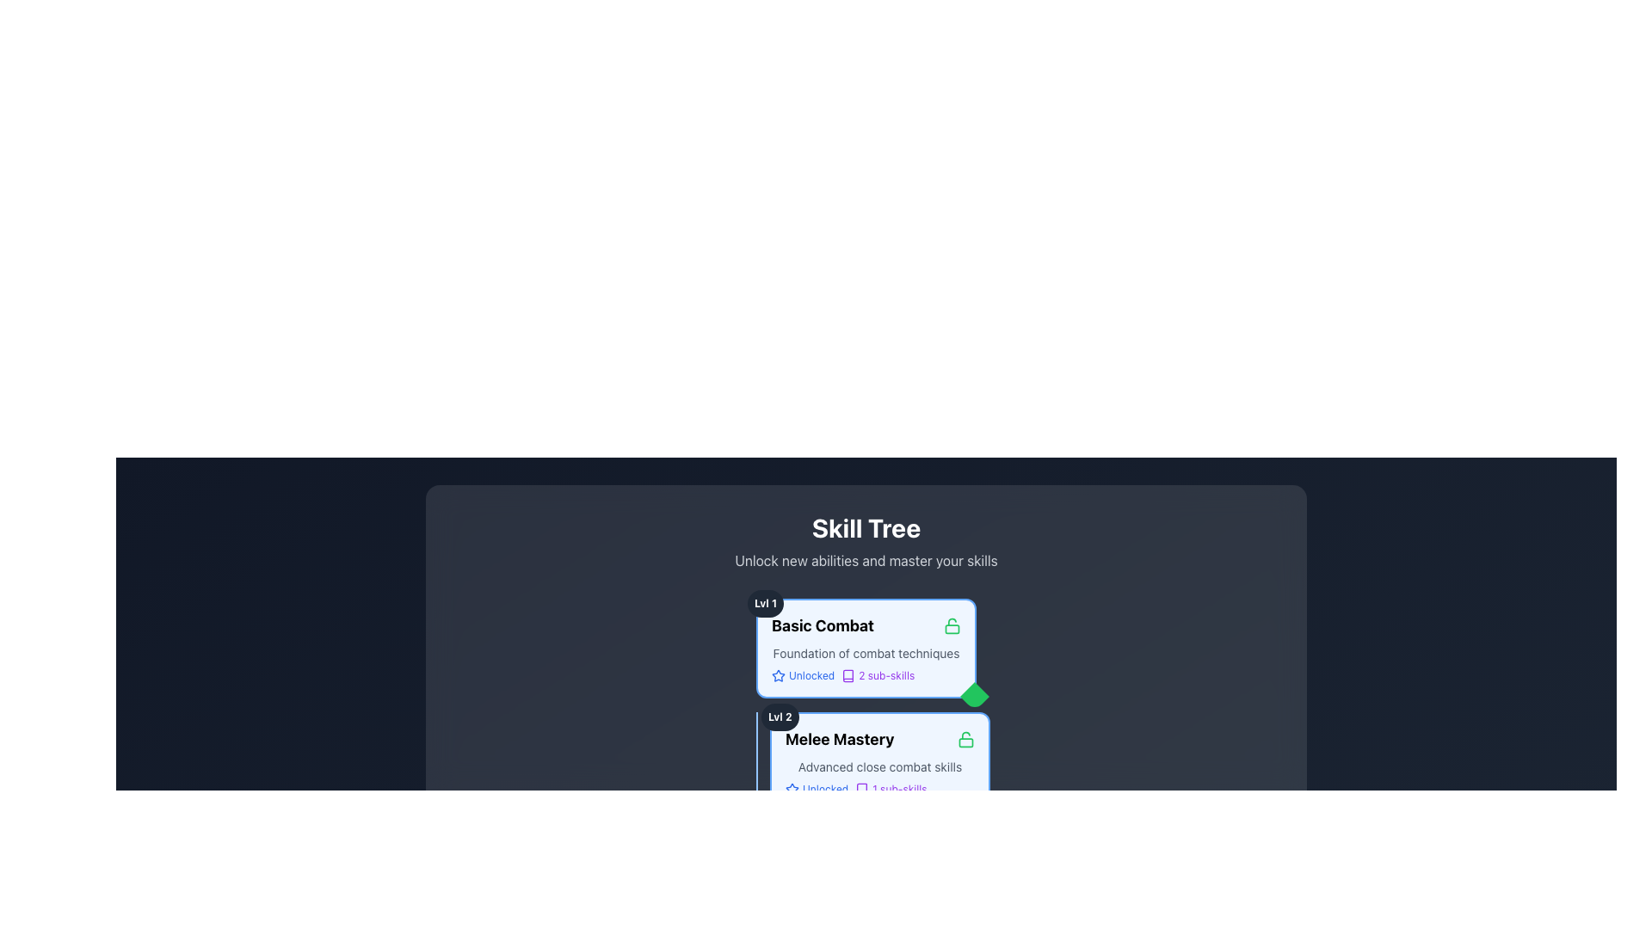 This screenshot has width=1652, height=929. What do you see at coordinates (866, 540) in the screenshot?
I see `Header section titled 'Skill Tree' which includes the subtitle 'Unlock new abilities and master your skills'` at bounding box center [866, 540].